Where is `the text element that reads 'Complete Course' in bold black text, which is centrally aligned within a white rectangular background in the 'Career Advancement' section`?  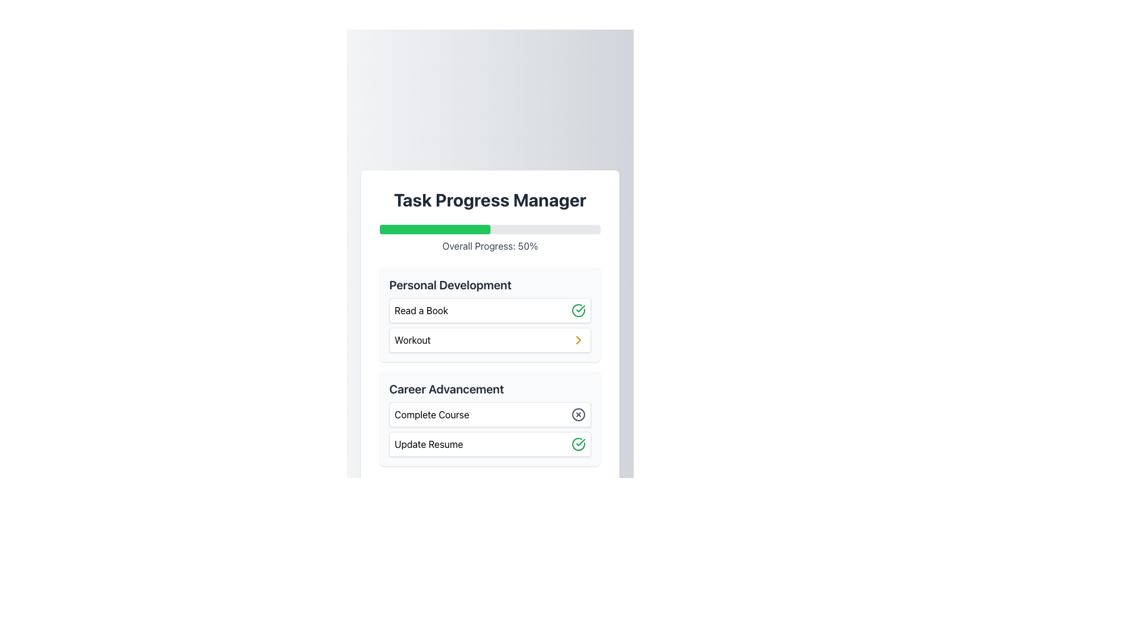
the text element that reads 'Complete Course' in bold black text, which is centrally aligned within a white rectangular background in the 'Career Advancement' section is located at coordinates (431, 414).